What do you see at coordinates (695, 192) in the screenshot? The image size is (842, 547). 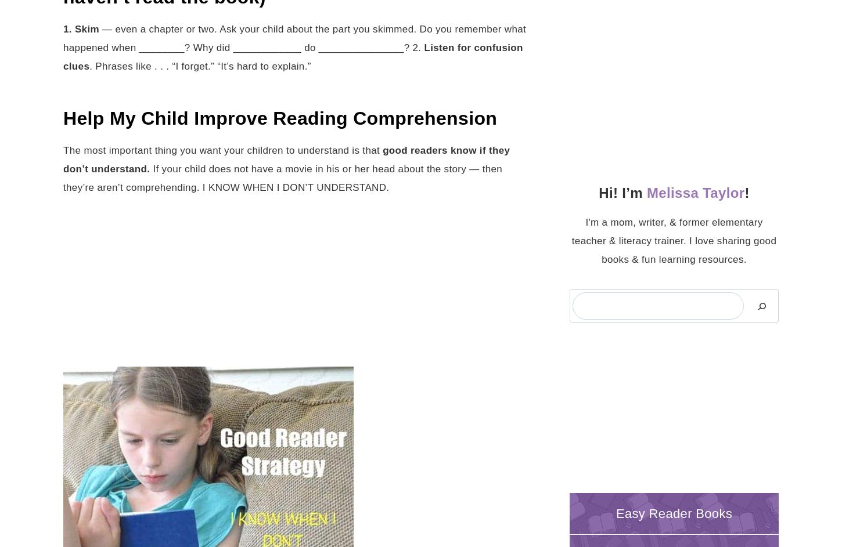 I see `'Melissa Taylor'` at bounding box center [695, 192].